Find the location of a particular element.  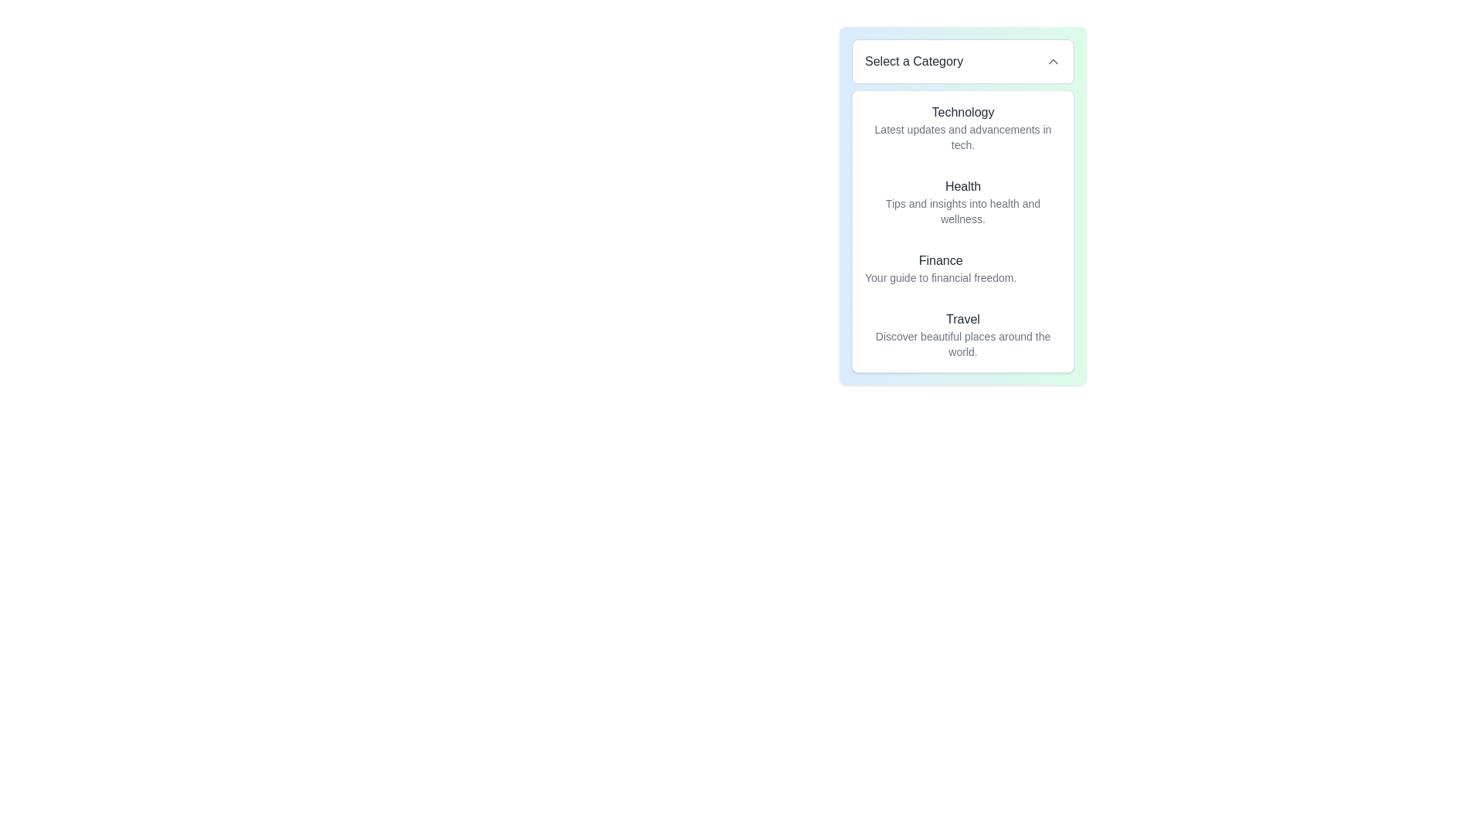

the chevron-up icon located at the top-right corner of the 'Select a Category' dropdown is located at coordinates (1052, 61).